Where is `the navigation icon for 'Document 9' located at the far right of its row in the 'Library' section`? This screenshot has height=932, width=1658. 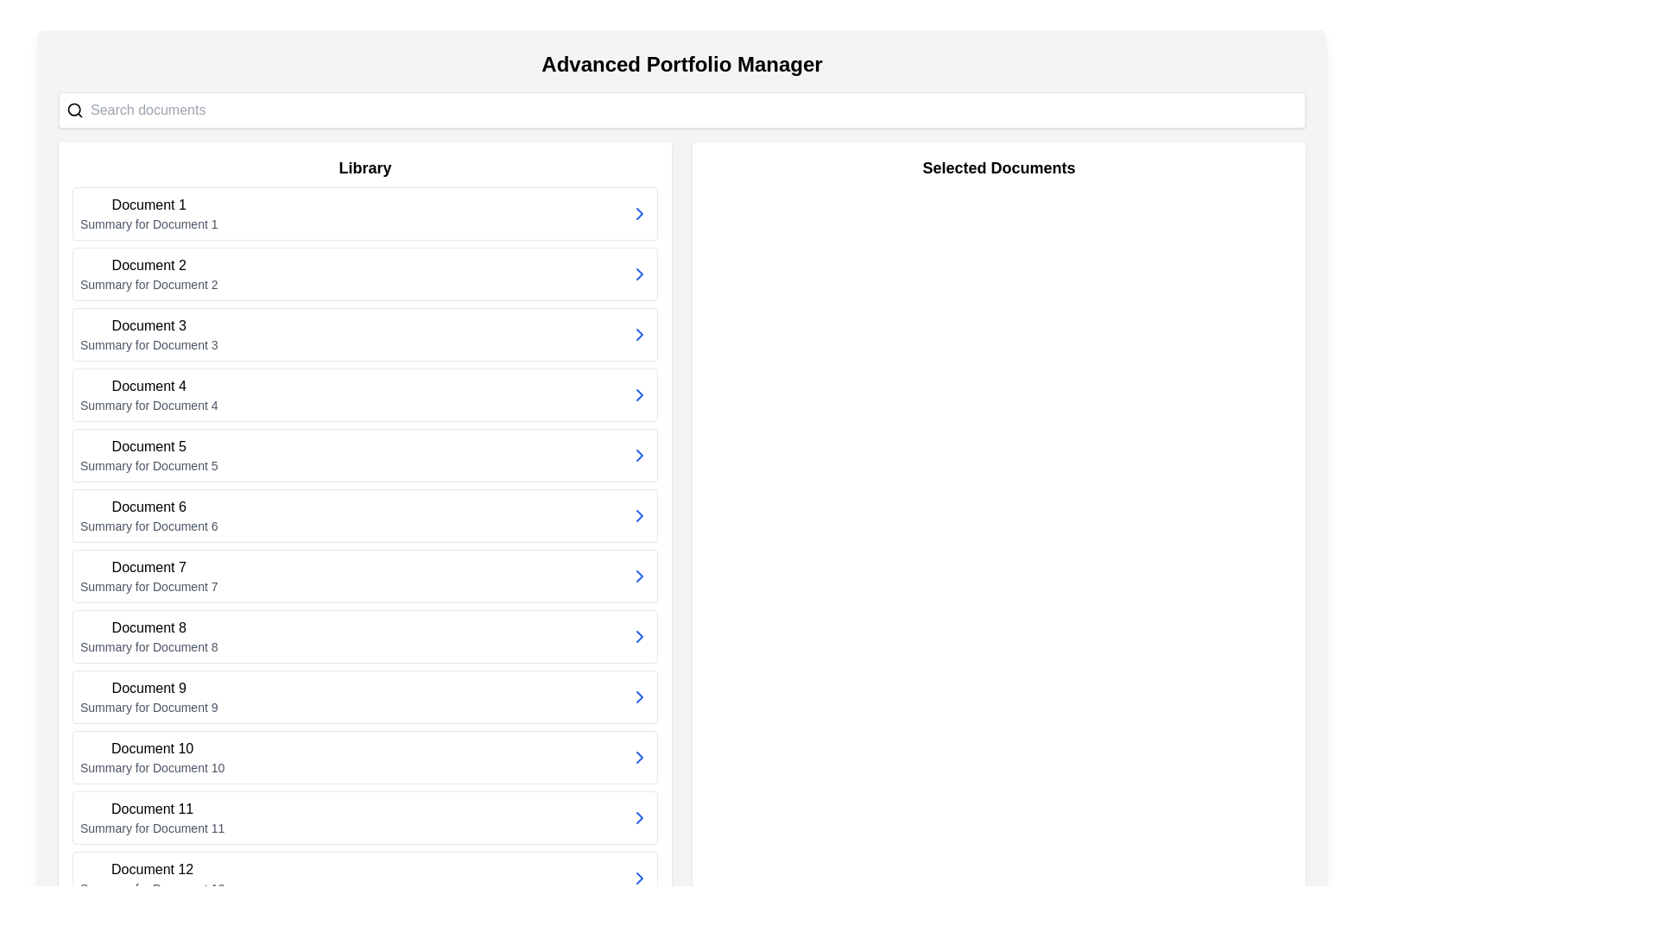 the navigation icon for 'Document 9' located at the far right of its row in the 'Library' section is located at coordinates (638, 636).